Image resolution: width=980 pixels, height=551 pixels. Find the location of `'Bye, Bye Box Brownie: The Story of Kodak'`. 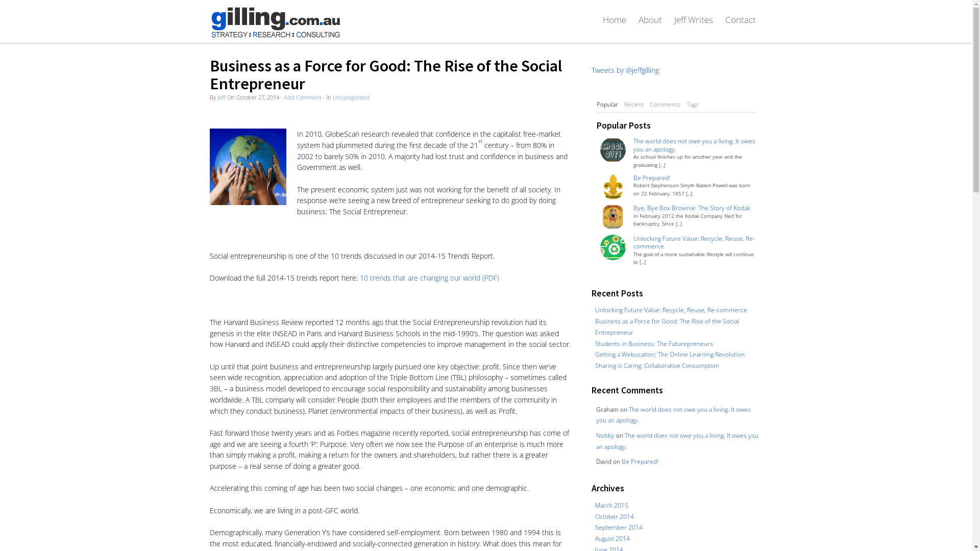

'Bye, Bye Box Brownie: The Story of Kodak' is located at coordinates (633, 207).